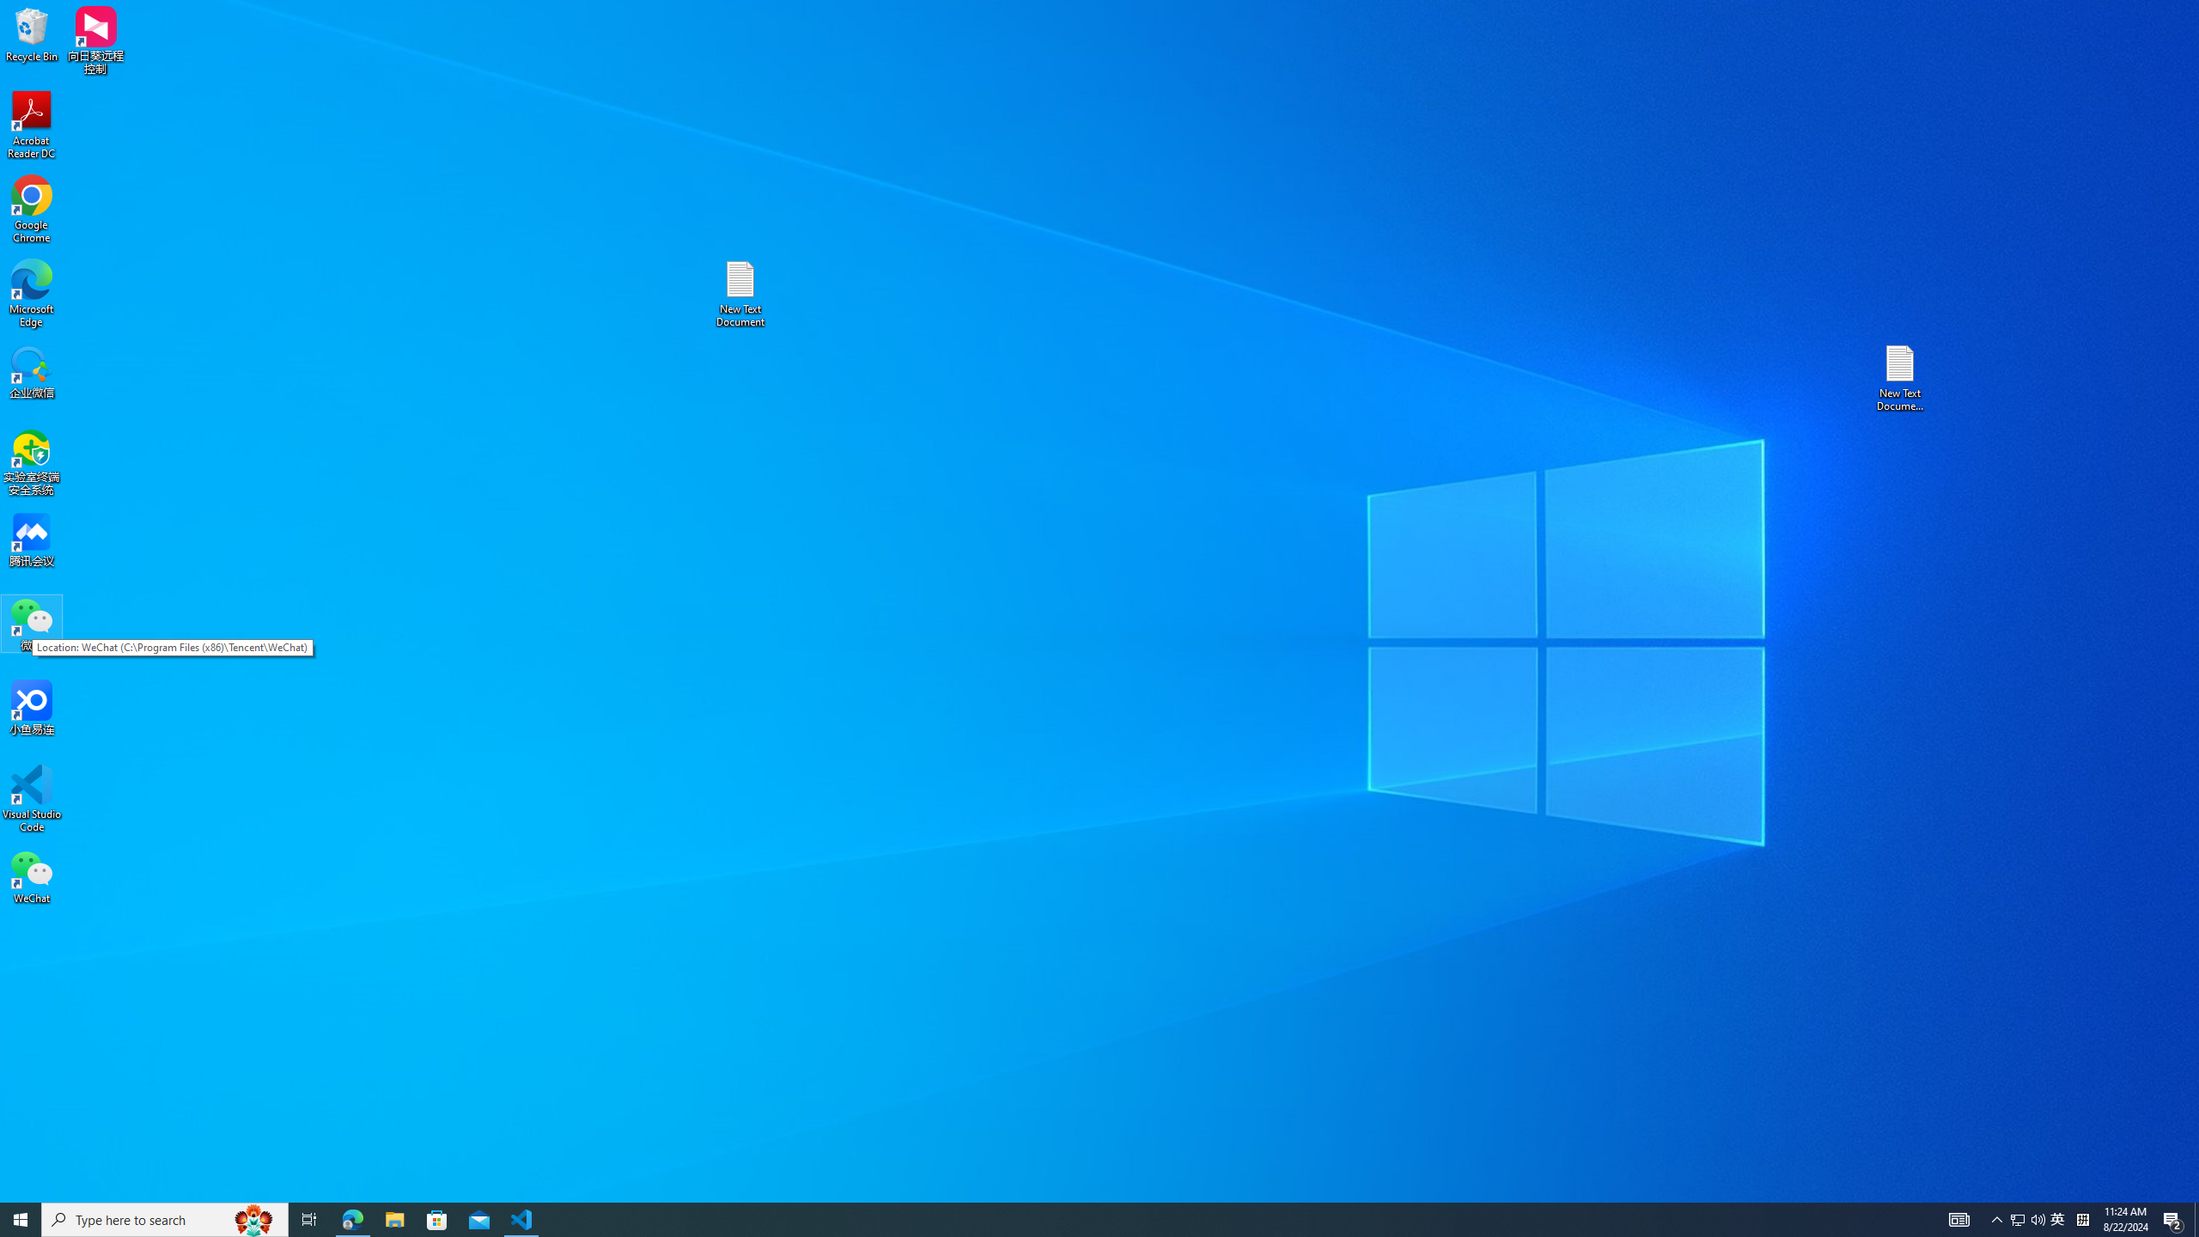 Image resolution: width=2199 pixels, height=1237 pixels. I want to click on 'Acrobat Reader DC', so click(31, 125).